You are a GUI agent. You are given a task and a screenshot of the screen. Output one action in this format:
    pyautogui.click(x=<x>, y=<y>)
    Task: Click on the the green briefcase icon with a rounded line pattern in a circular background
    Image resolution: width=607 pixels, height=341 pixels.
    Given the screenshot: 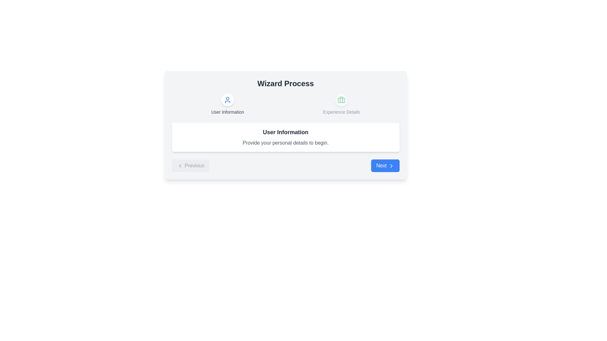 What is the action you would take?
    pyautogui.click(x=341, y=99)
    